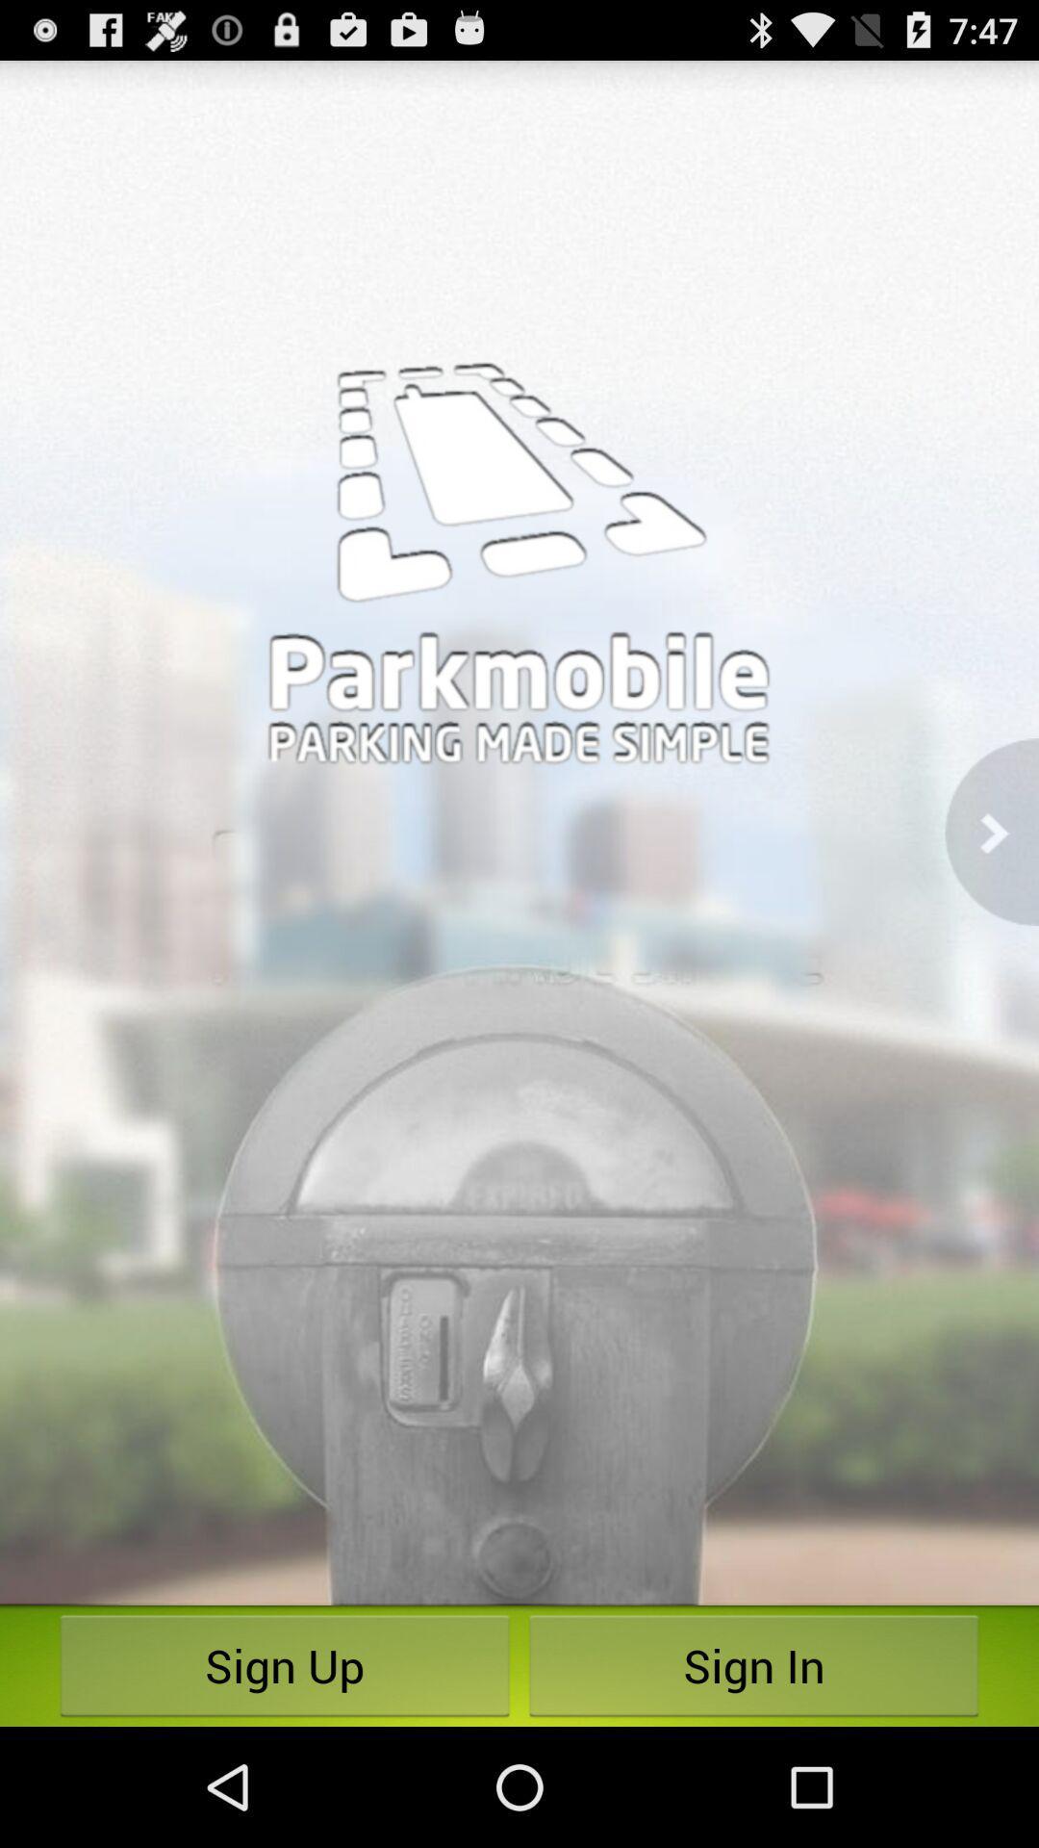 The height and width of the screenshot is (1848, 1039). I want to click on the sign up, so click(285, 1665).